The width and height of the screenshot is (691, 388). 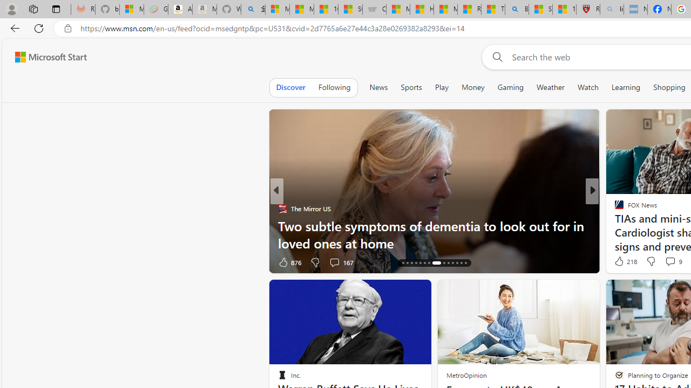 I want to click on '419 Like', so click(x=622, y=262).